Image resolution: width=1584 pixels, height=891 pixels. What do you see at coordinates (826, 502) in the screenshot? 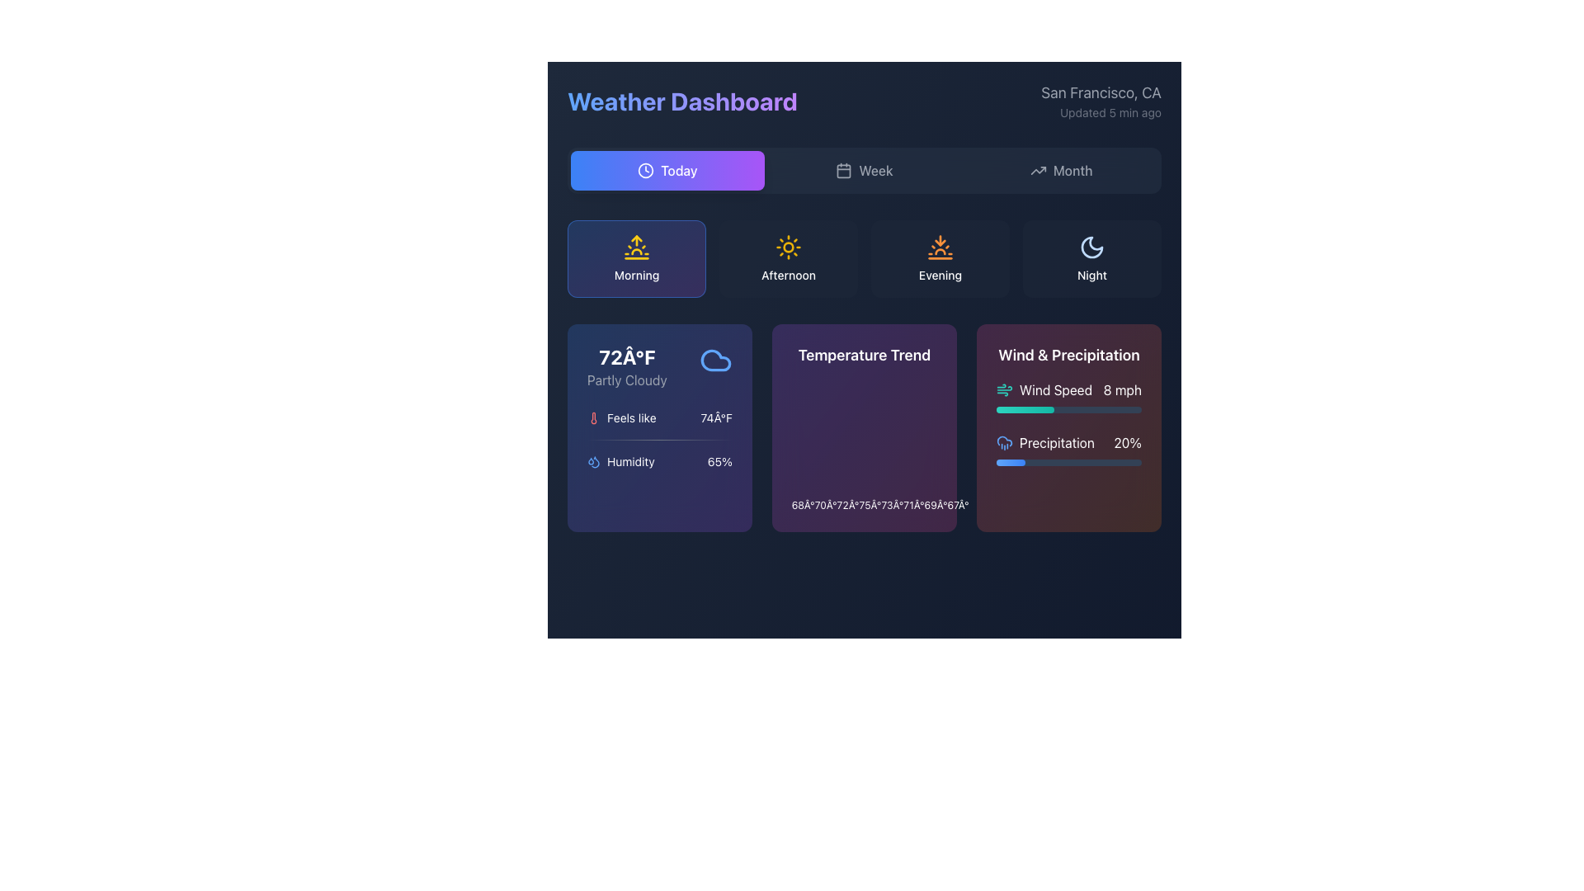
I see `the temperature display text label showing '70°' within the 'Temperature Trend' card` at bounding box center [826, 502].